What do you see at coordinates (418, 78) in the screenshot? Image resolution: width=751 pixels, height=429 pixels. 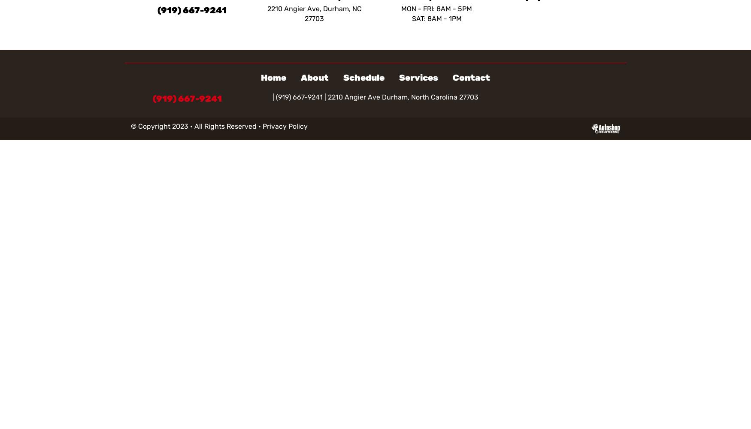 I see `'Services'` at bounding box center [418, 78].